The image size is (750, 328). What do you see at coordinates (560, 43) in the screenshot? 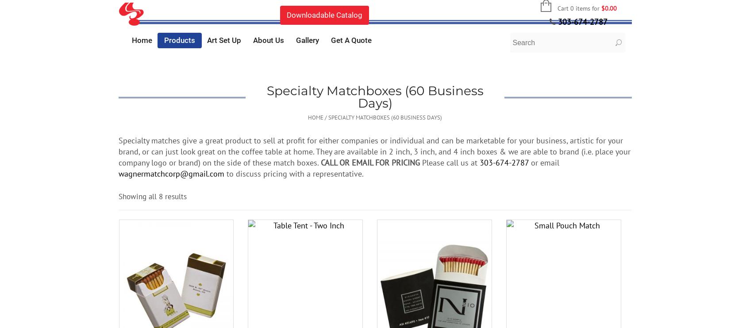
I see `'No products in the cart.'` at bounding box center [560, 43].